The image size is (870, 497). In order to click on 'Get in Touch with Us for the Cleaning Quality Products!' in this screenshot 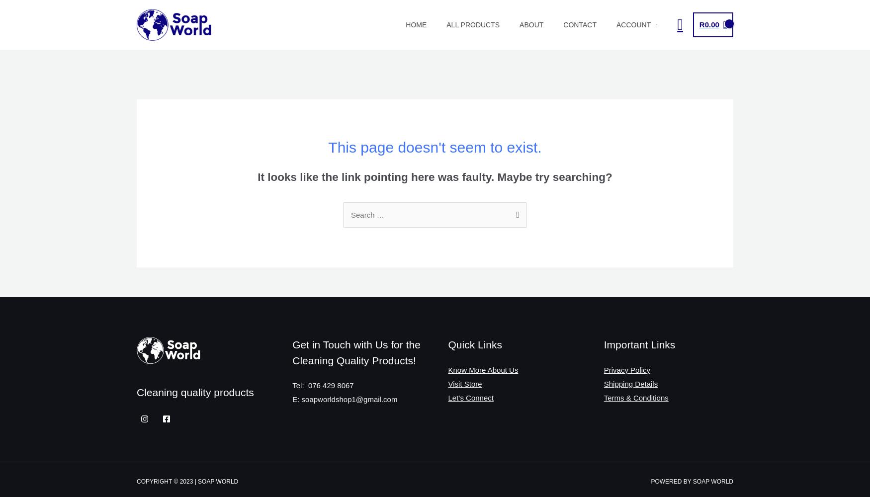, I will do `click(356, 352)`.